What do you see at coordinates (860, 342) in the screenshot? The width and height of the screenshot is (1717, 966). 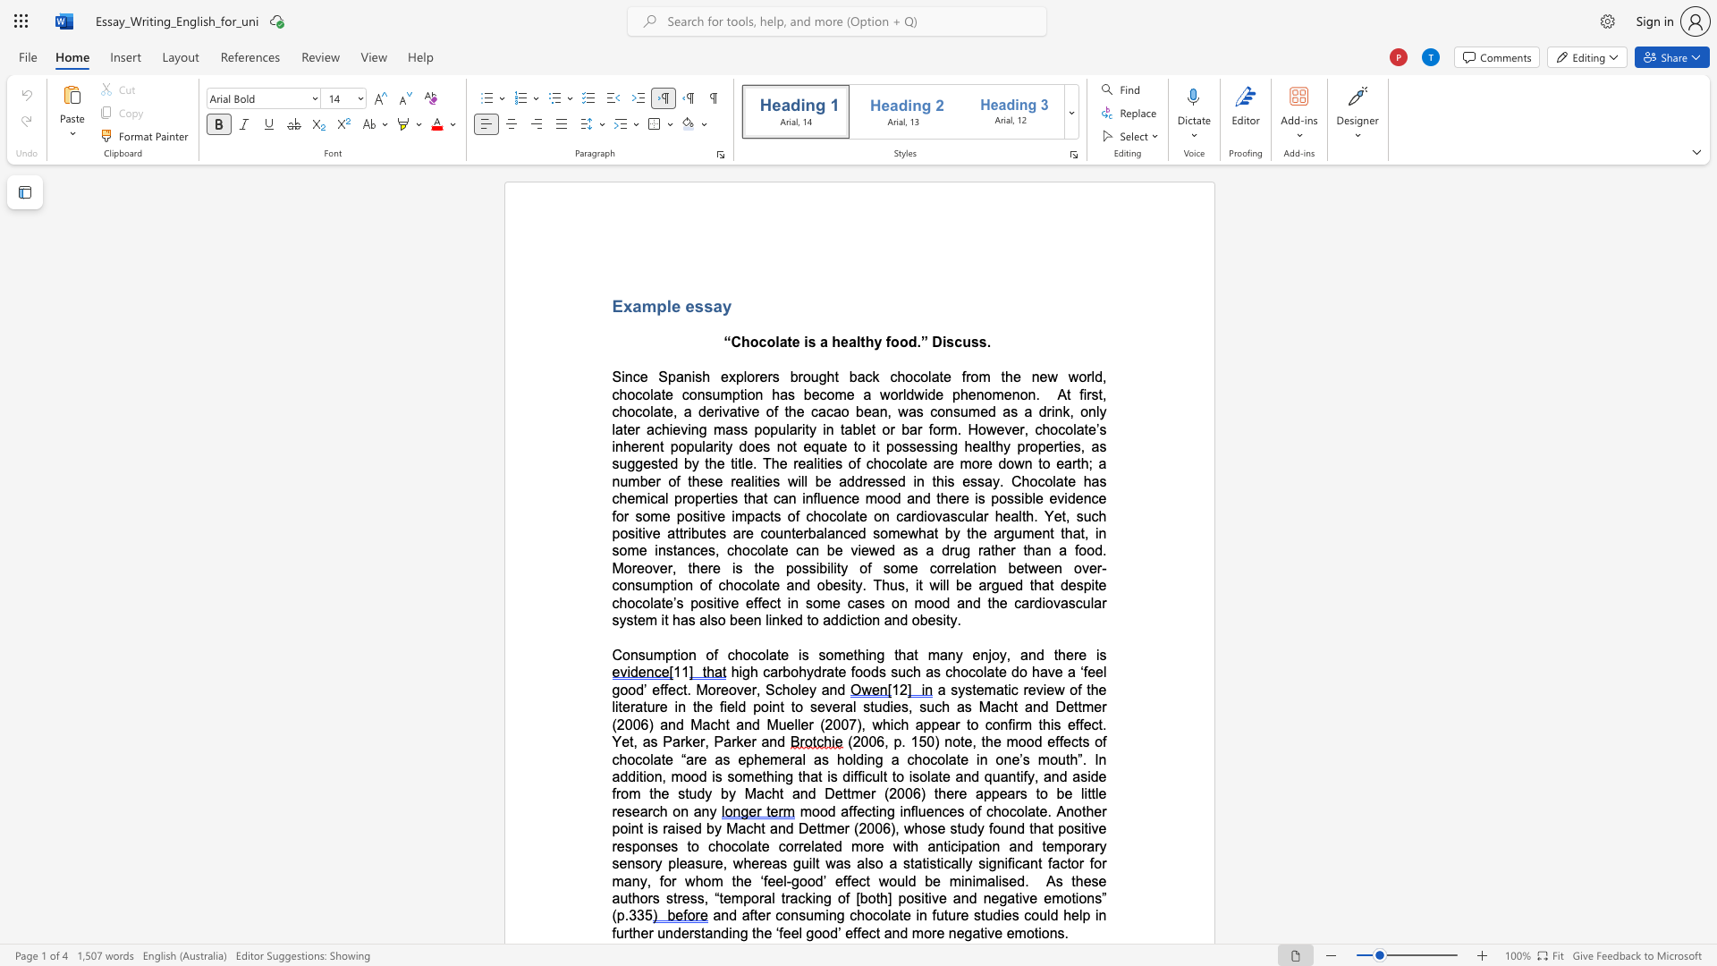 I see `the space between the continuous character "l" and "t" in the text` at bounding box center [860, 342].